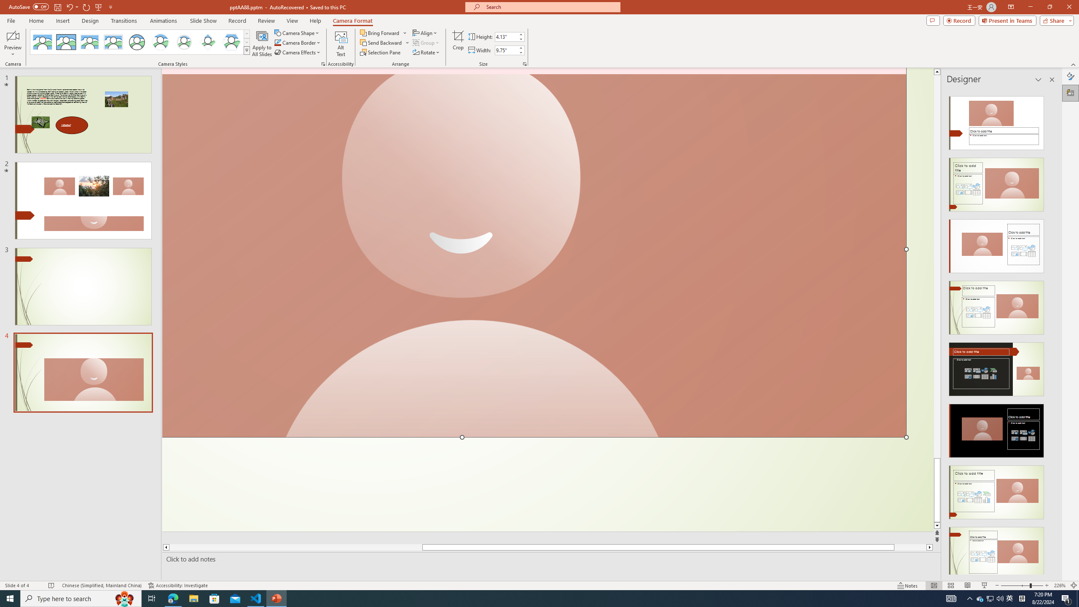 The width and height of the screenshot is (1079, 607). I want to click on 'Cameo Width', so click(505, 50).